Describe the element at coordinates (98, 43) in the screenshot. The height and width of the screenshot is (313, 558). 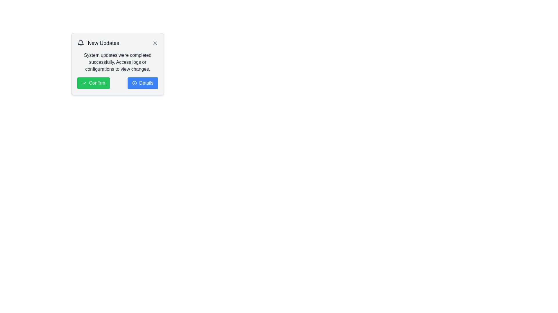
I see `the 'New Updates' text label, which is displayed in bold next to a notification bell icon in the upper-left portion of the pop-up dialog` at that location.